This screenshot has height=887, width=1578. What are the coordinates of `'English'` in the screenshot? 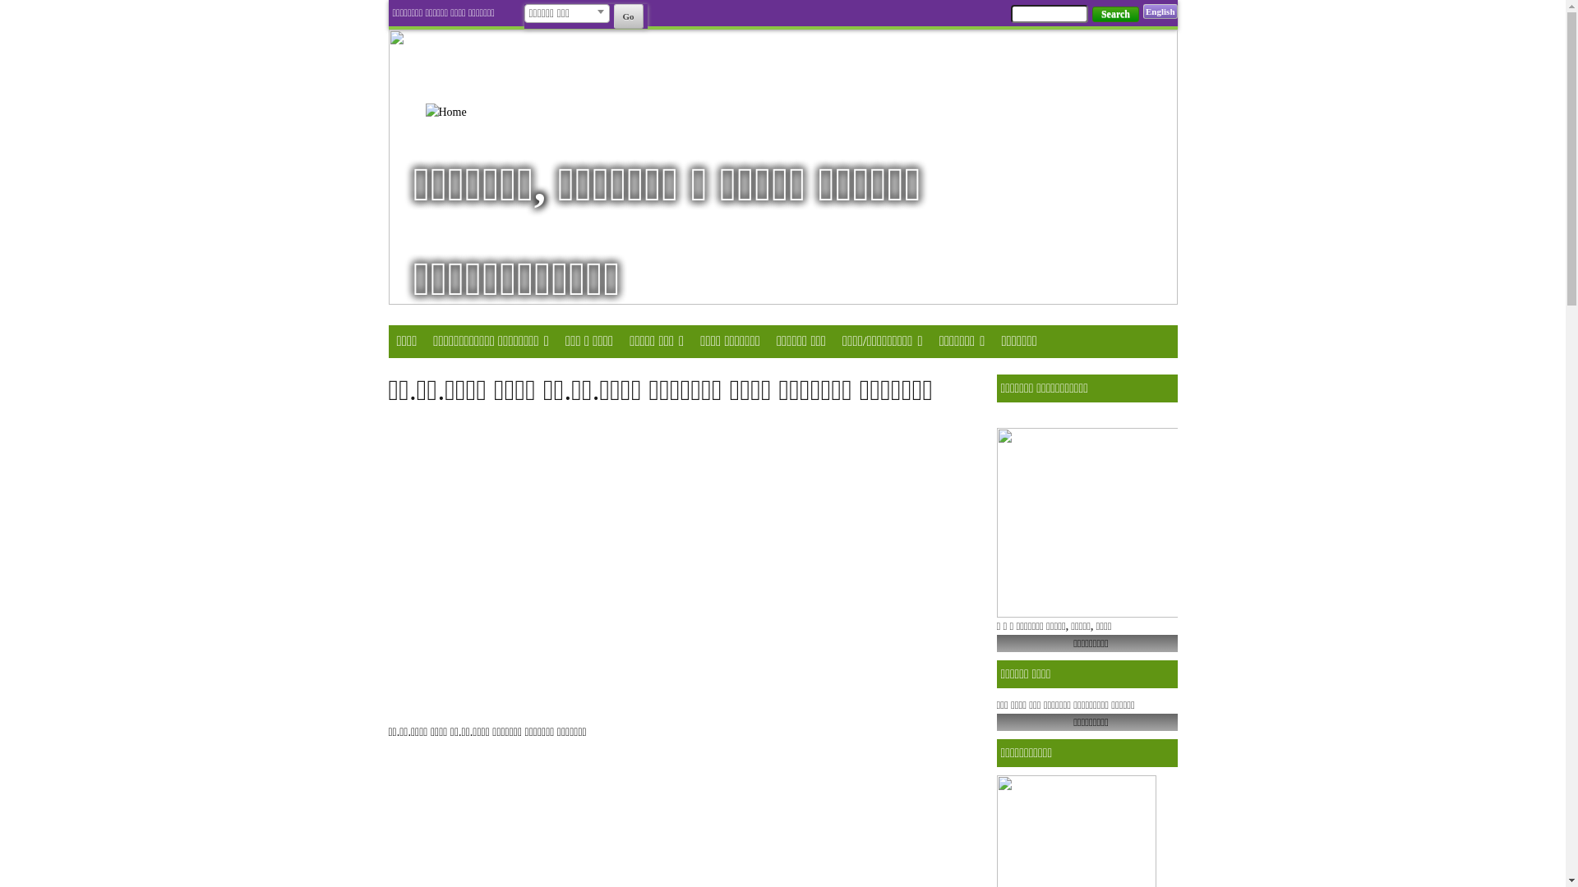 It's located at (1142, 11).